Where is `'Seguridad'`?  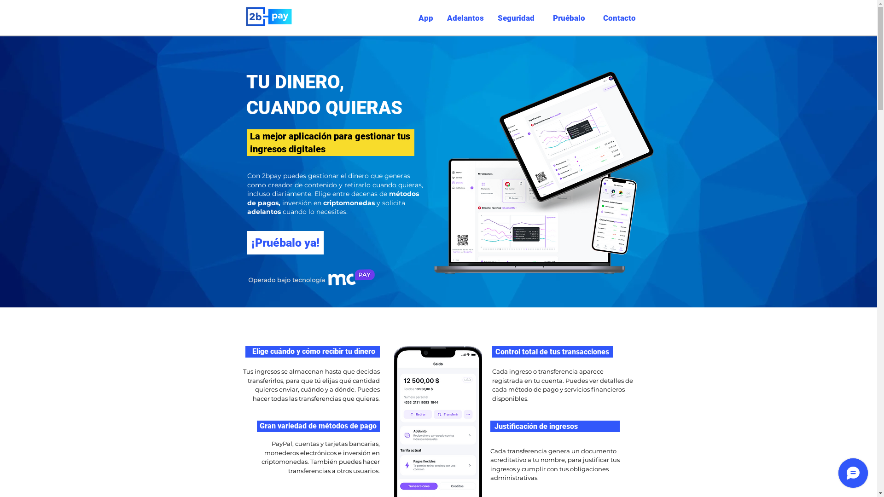
'Seguridad' is located at coordinates (516, 17).